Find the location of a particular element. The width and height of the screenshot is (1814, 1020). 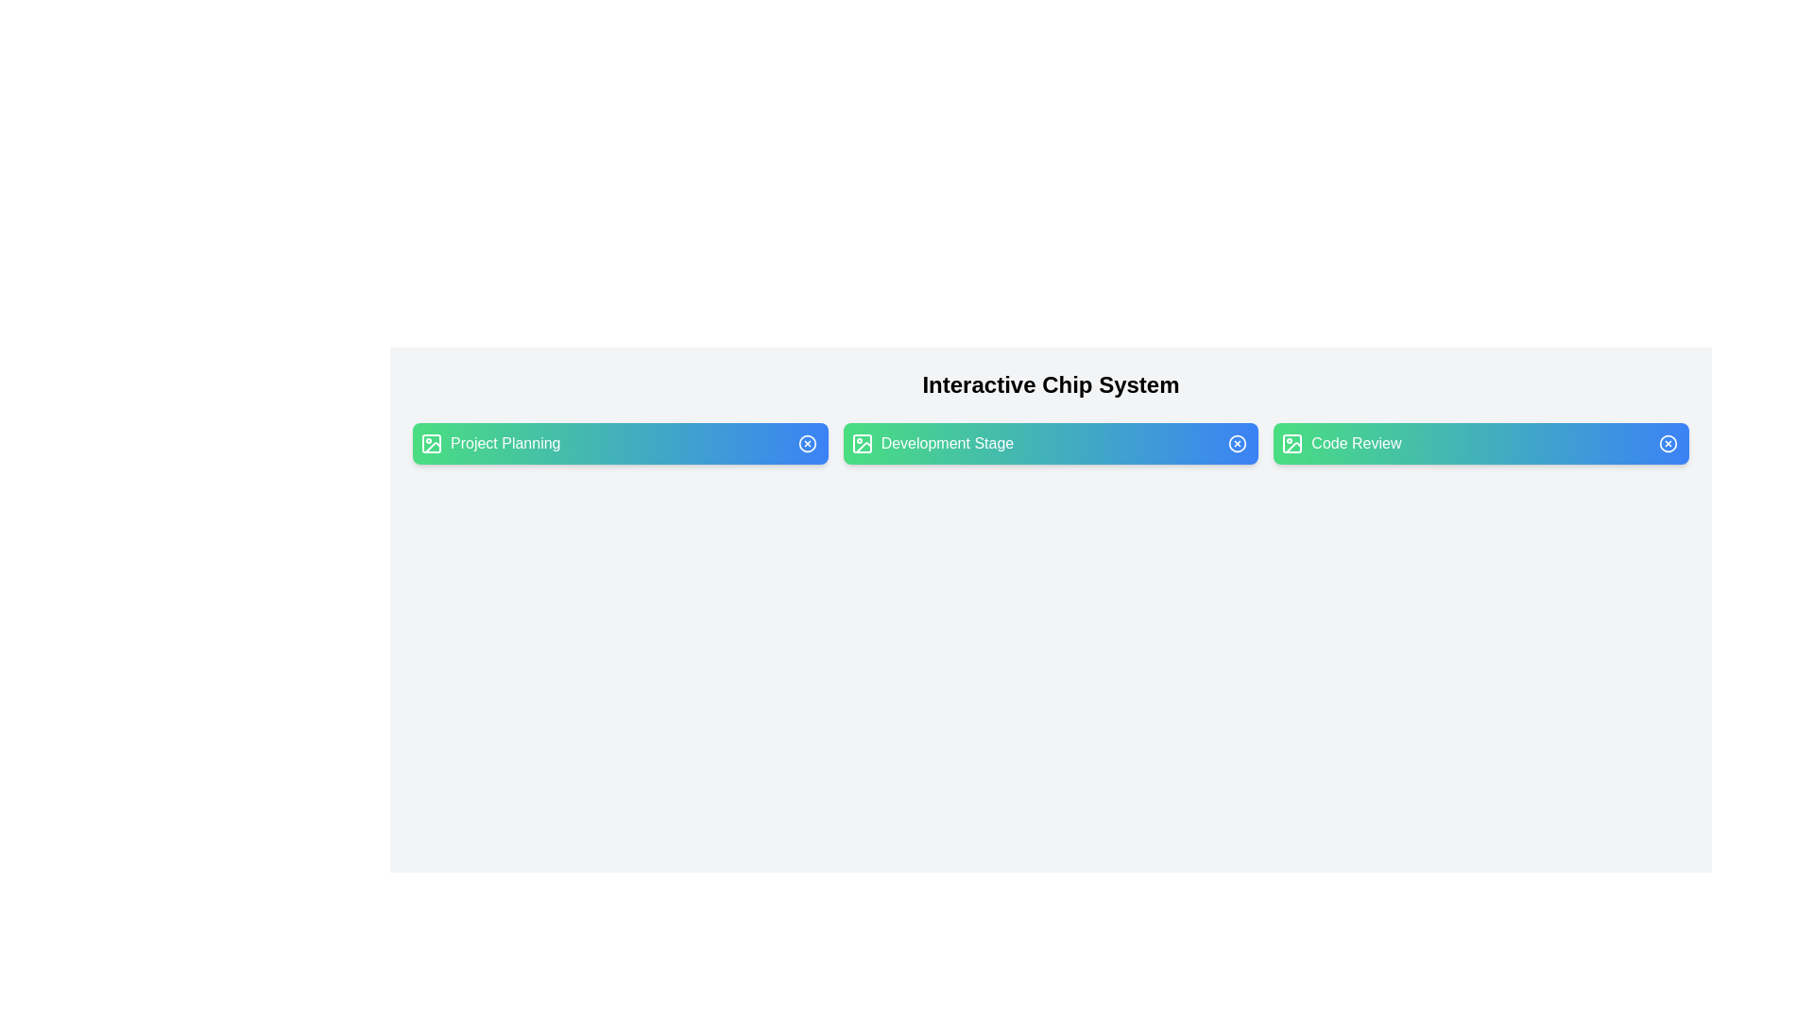

remove button of the chip labeled 'Project Planning' to delete it is located at coordinates (807, 444).